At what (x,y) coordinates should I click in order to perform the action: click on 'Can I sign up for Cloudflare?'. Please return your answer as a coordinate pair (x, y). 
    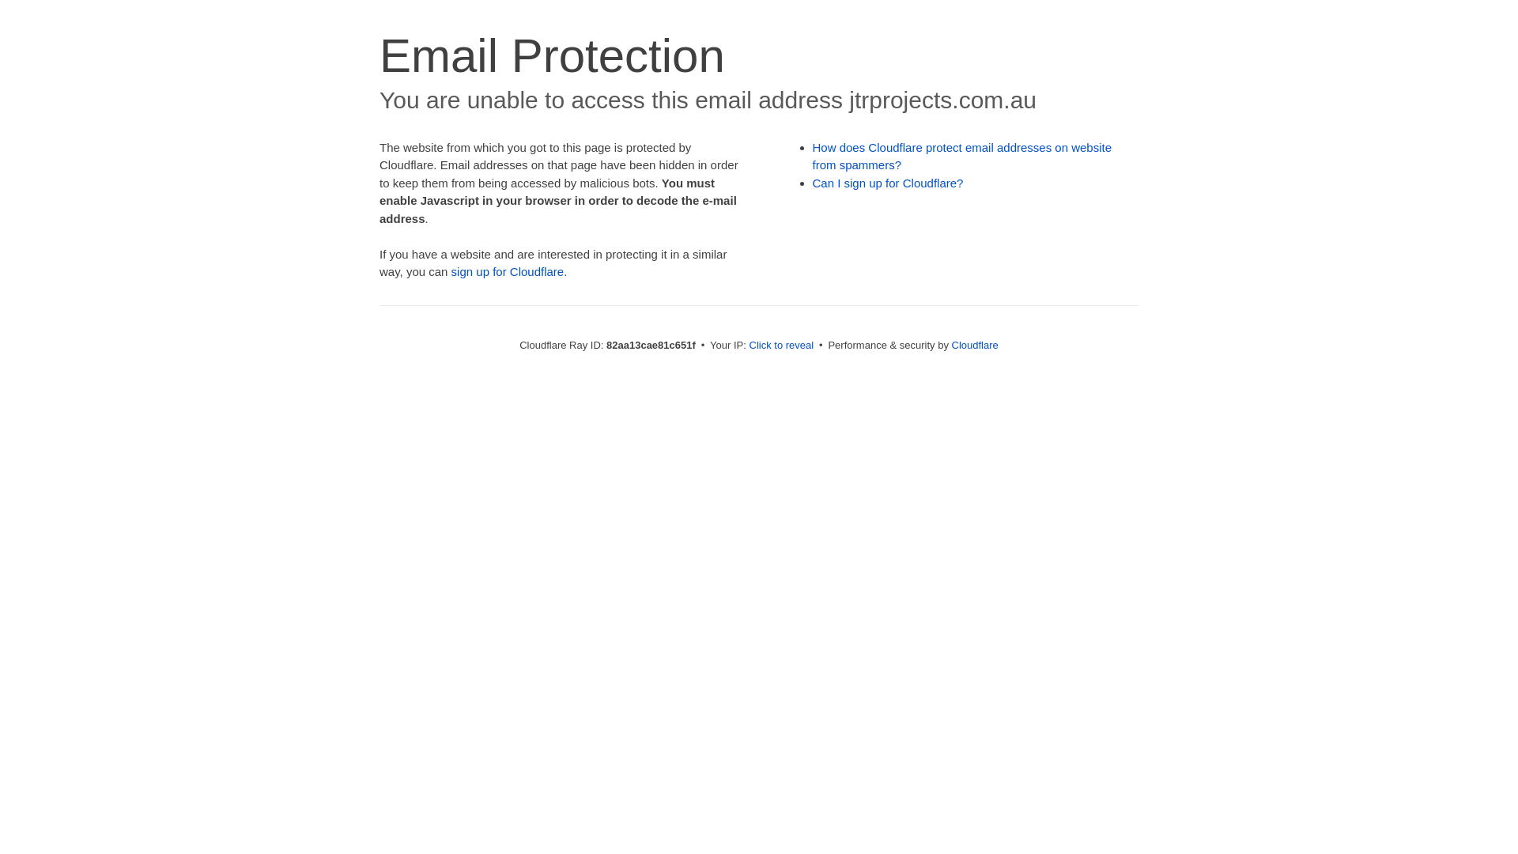
    Looking at the image, I should click on (888, 182).